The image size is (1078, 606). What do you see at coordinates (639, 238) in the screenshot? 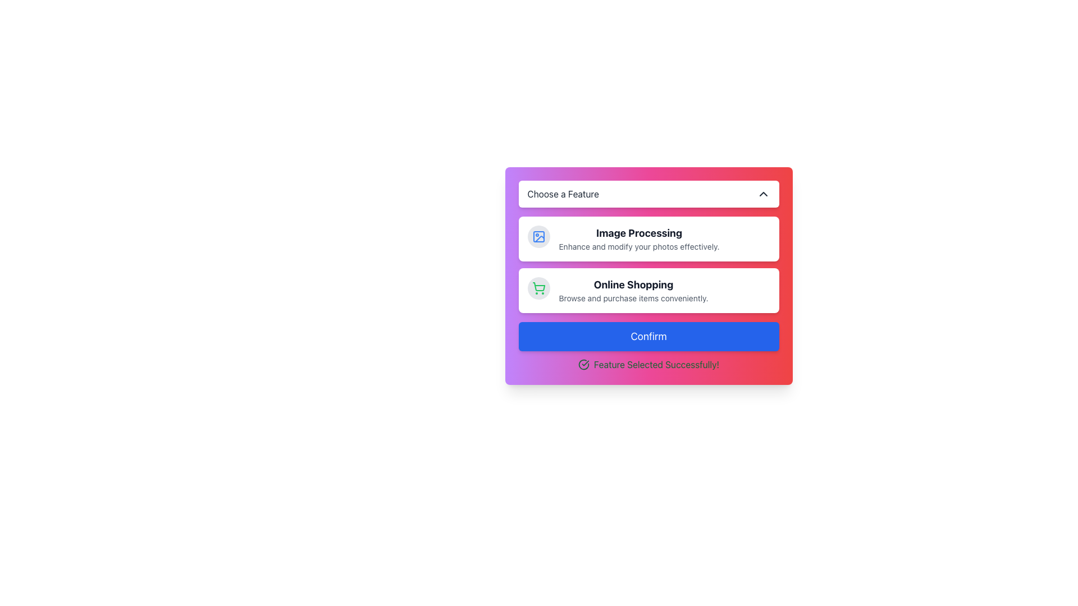
I see `the 'Image Processing' text within the interactive card component` at bounding box center [639, 238].